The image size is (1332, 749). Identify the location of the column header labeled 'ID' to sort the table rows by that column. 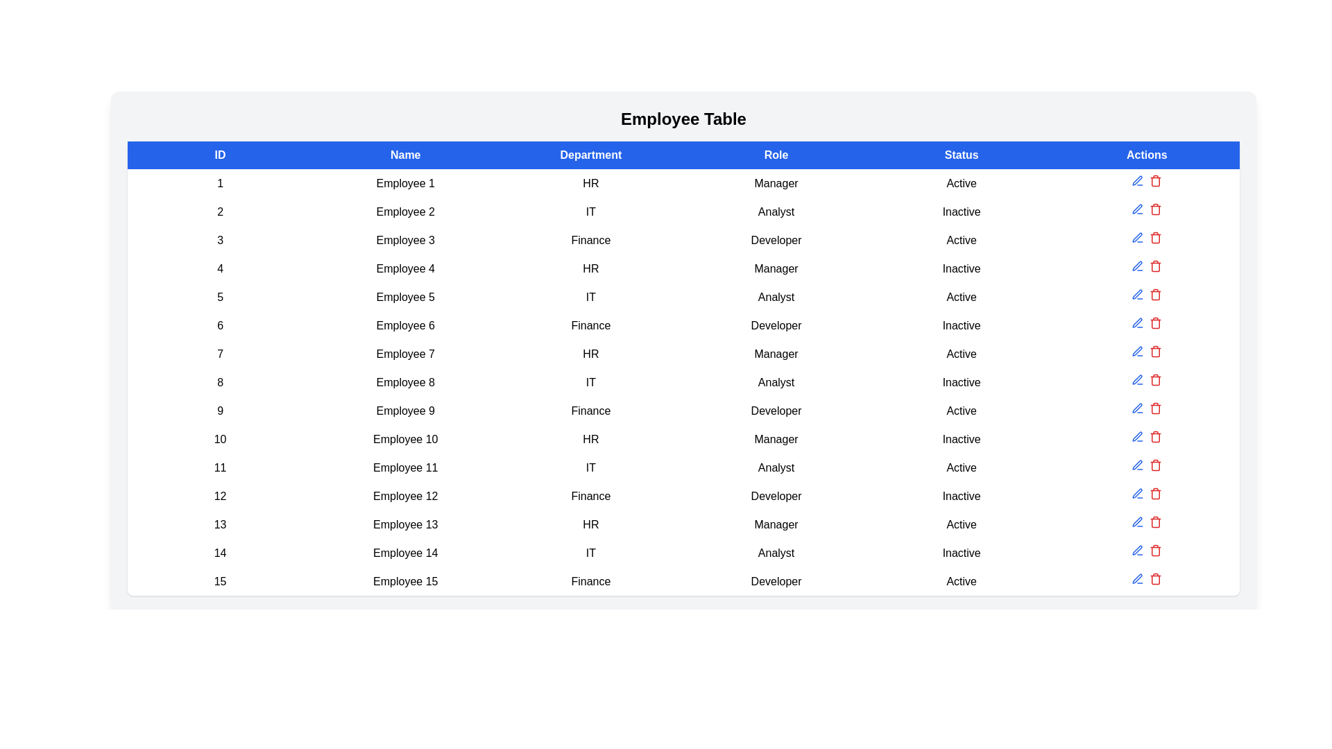
(219, 155).